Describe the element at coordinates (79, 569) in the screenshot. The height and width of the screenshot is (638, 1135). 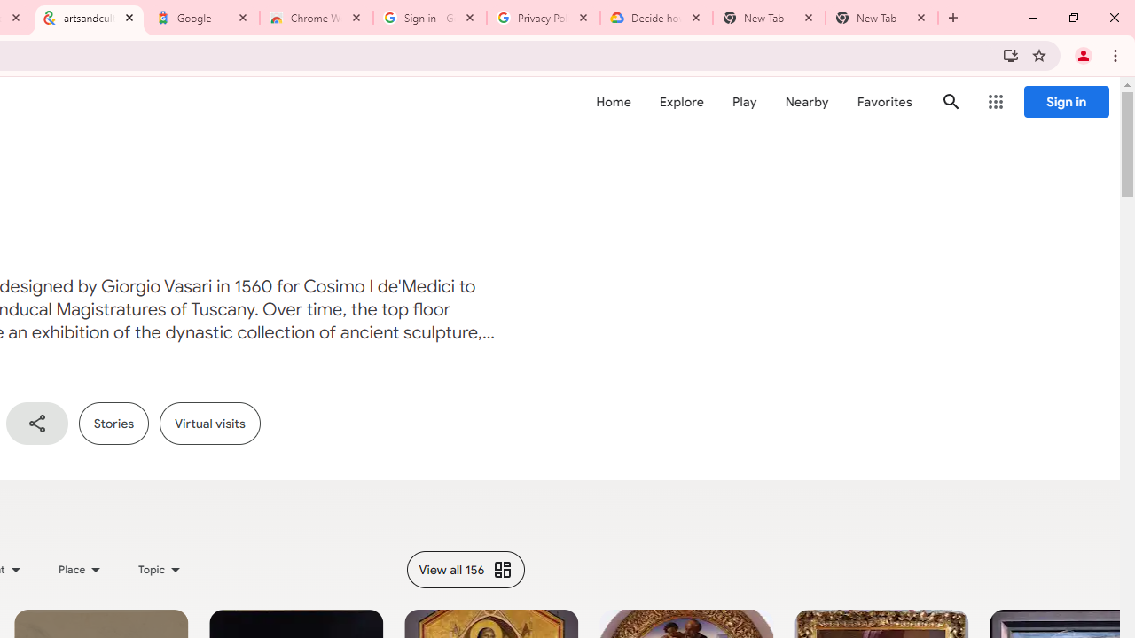
I see `'Place'` at that location.